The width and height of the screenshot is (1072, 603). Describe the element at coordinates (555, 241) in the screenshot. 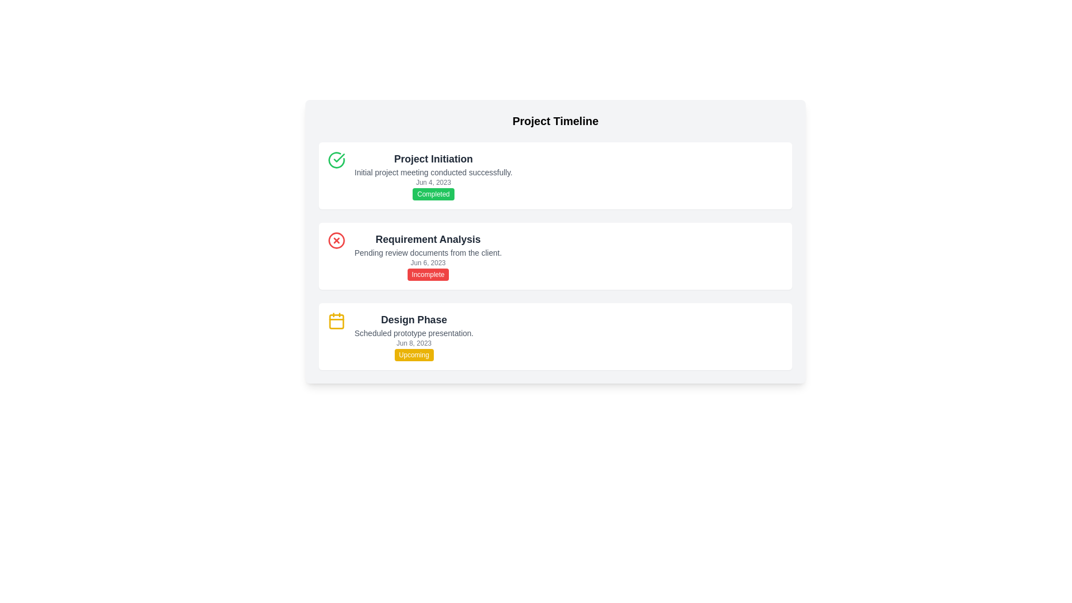

I see `the second timeline entry card in the 'Project Timeline' section, which includes the phase title, current status, and relevant details` at that location.